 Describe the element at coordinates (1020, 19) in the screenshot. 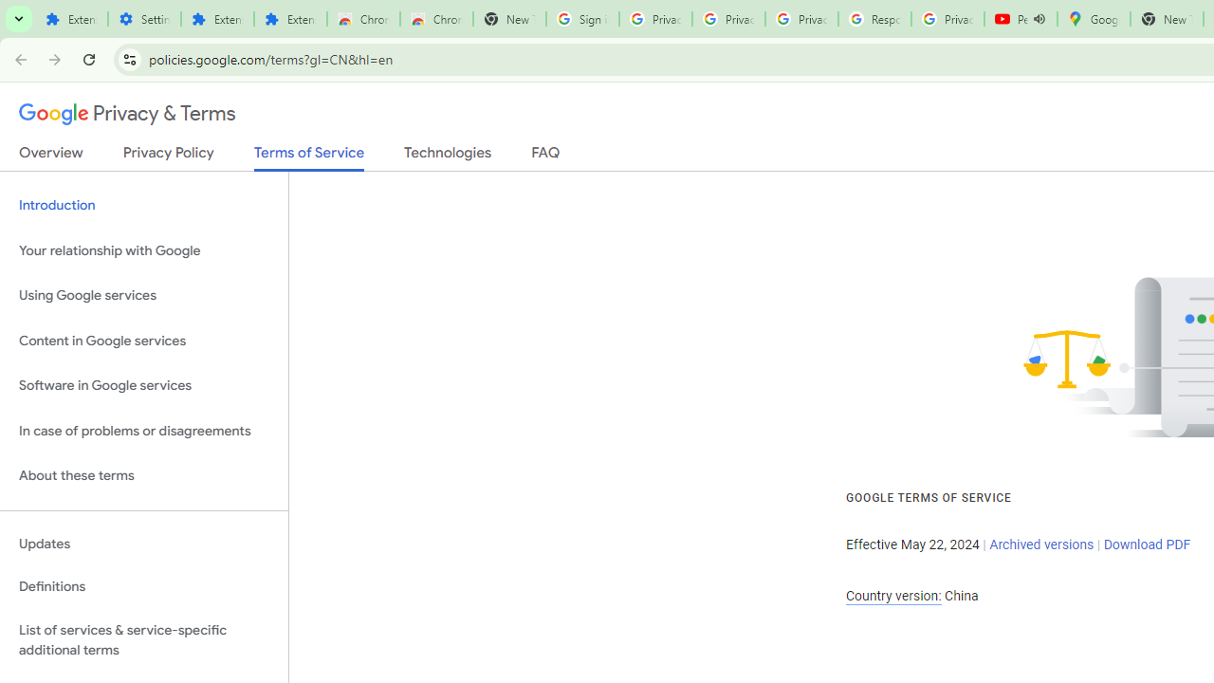

I see `'Personalized AI for you | Gemini - YouTube - Audio playing'` at that location.